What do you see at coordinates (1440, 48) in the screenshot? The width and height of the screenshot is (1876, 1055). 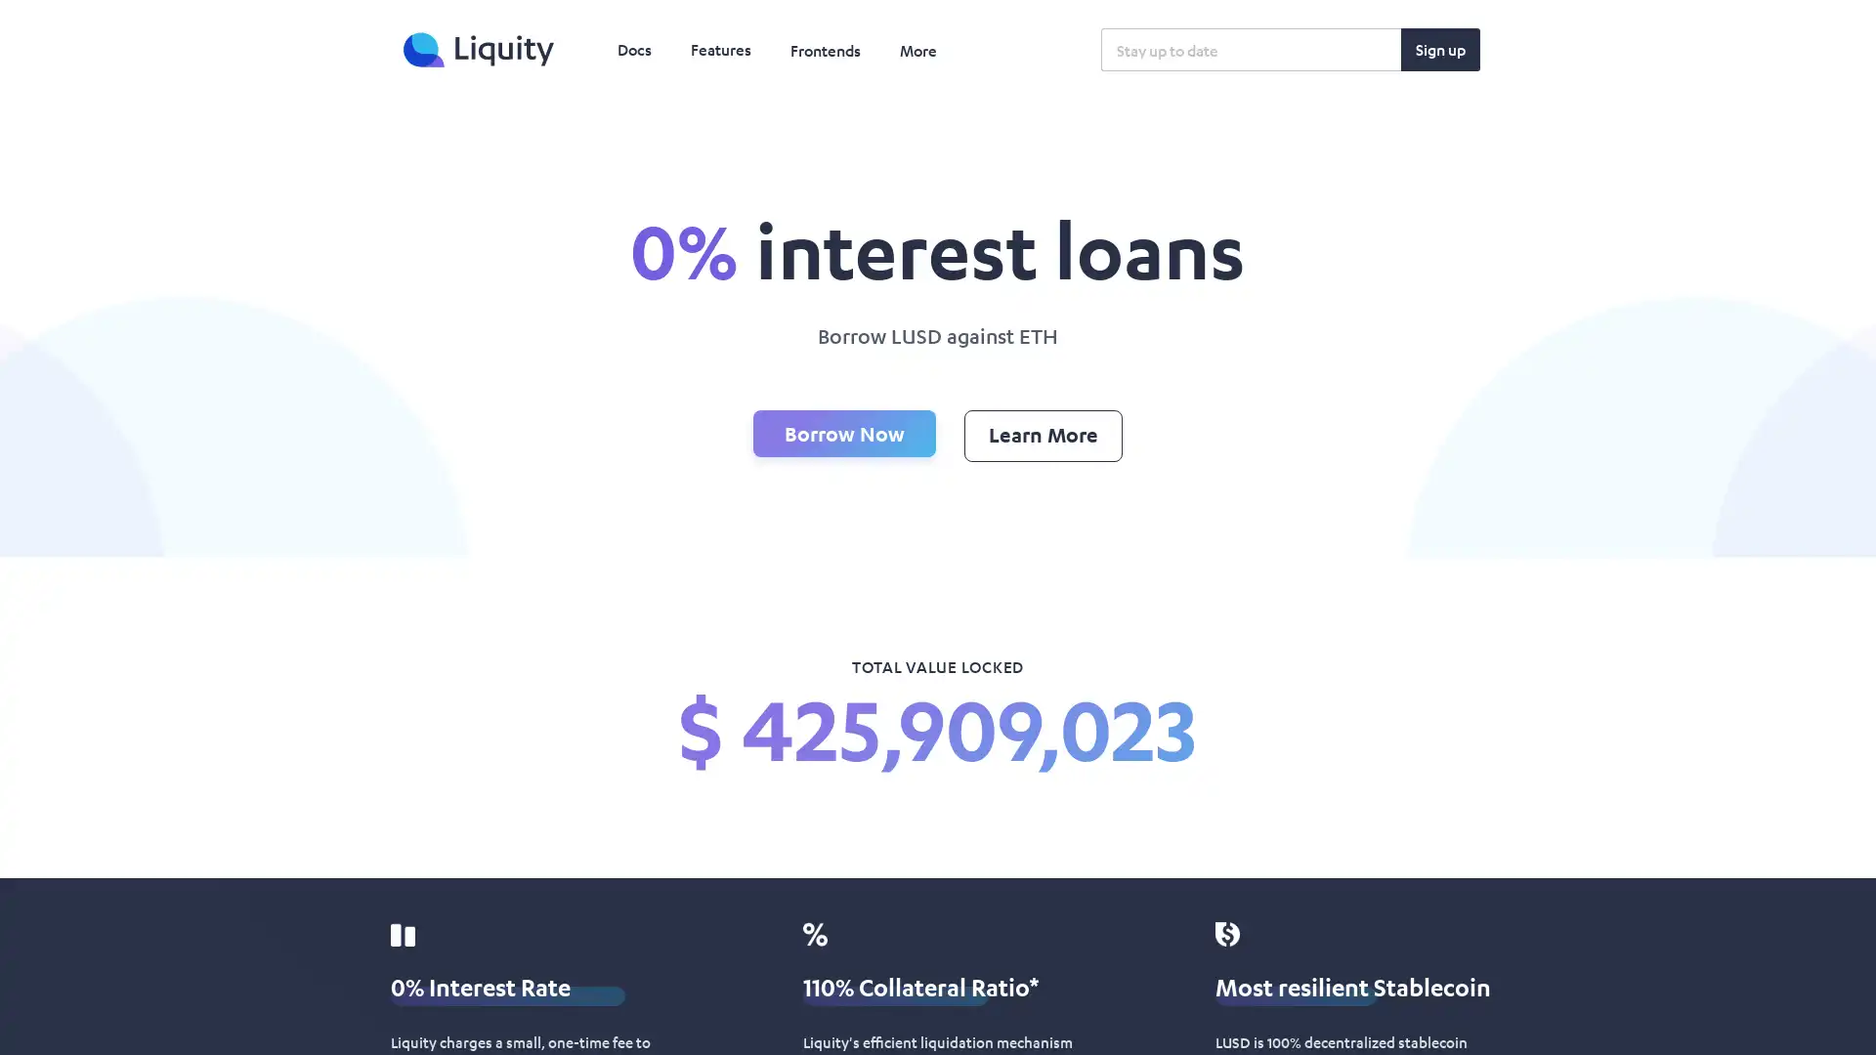 I see `Sign up` at bounding box center [1440, 48].